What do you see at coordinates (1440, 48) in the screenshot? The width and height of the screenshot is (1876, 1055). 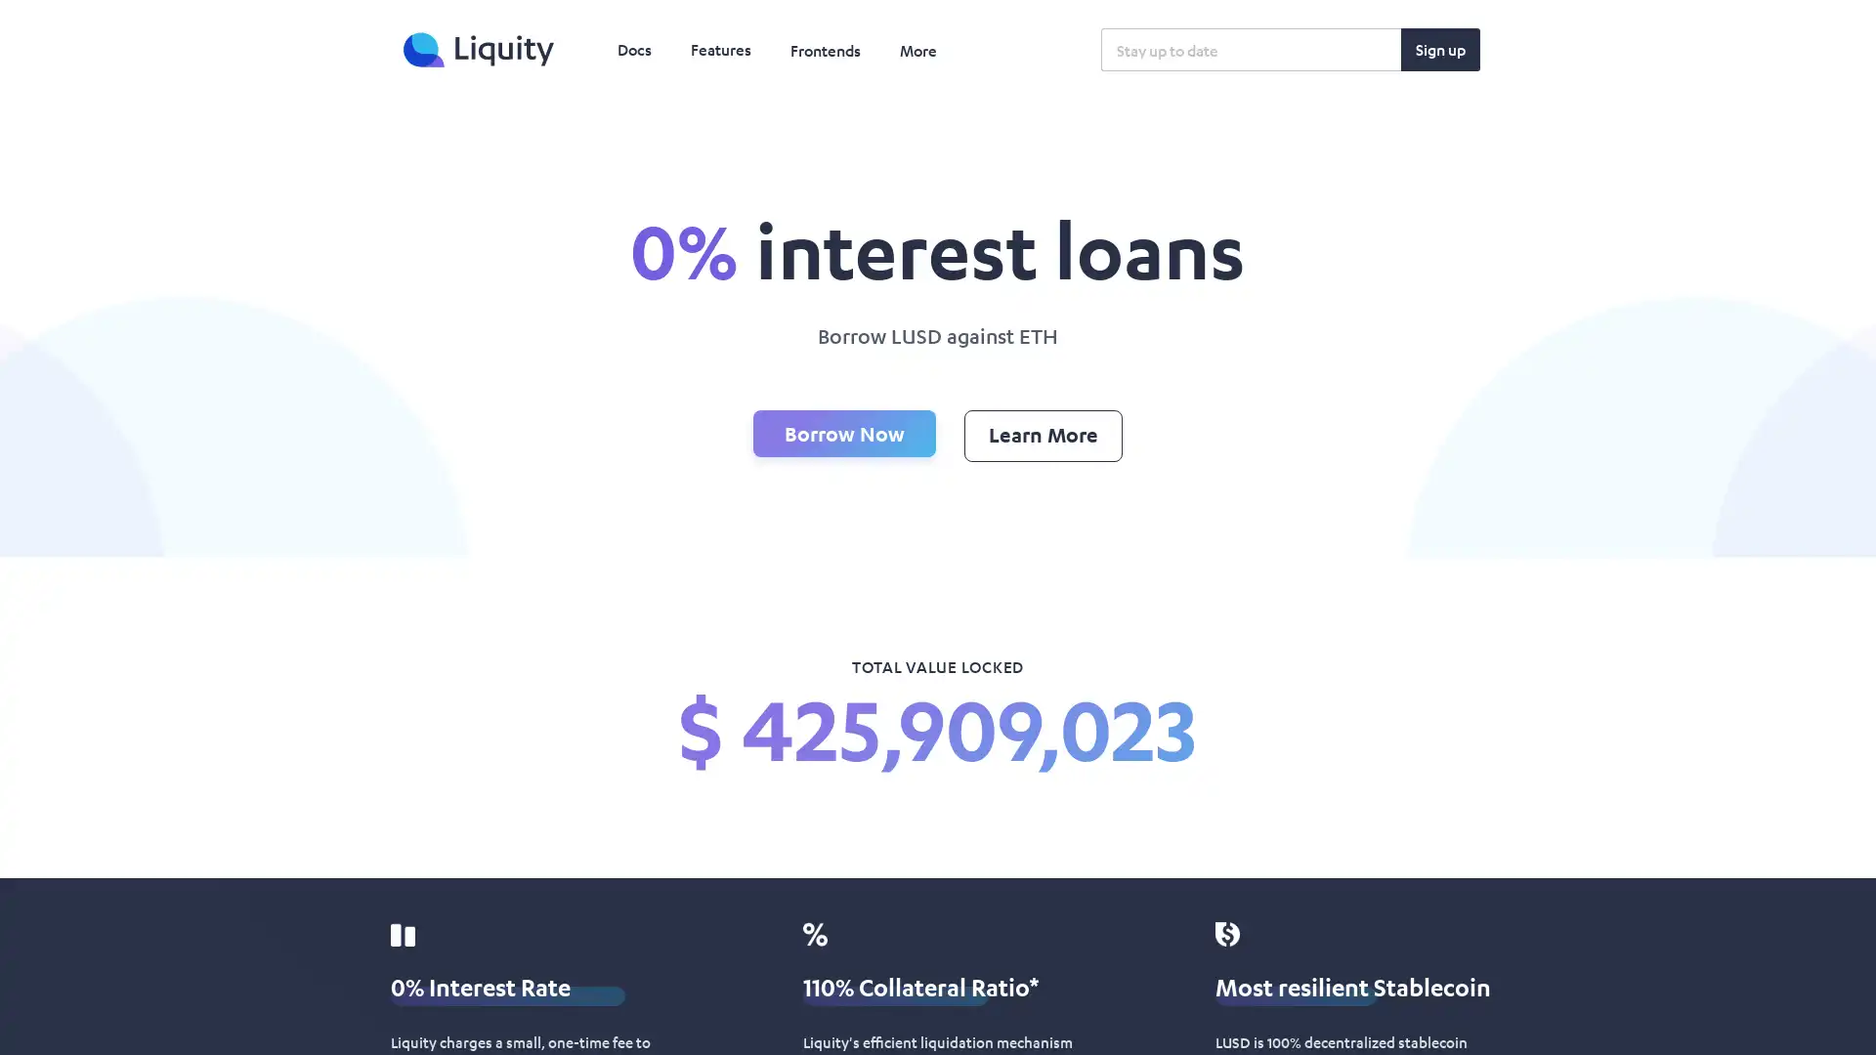 I see `Sign up` at bounding box center [1440, 48].